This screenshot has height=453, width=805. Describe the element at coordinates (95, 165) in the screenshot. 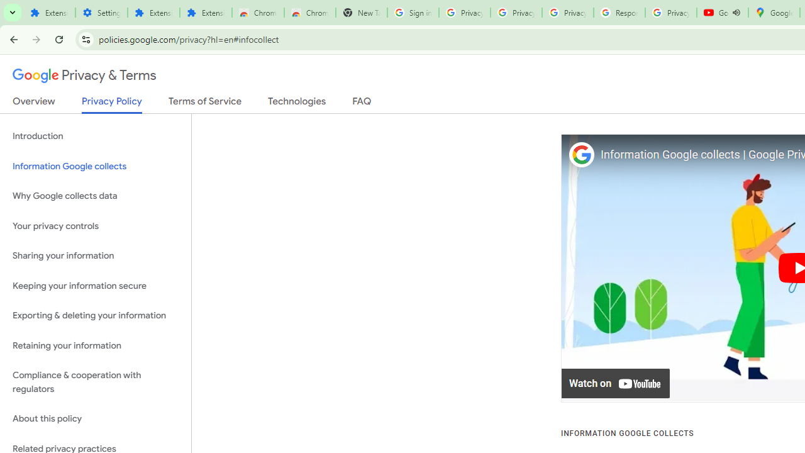

I see `'Information Google collects'` at that location.